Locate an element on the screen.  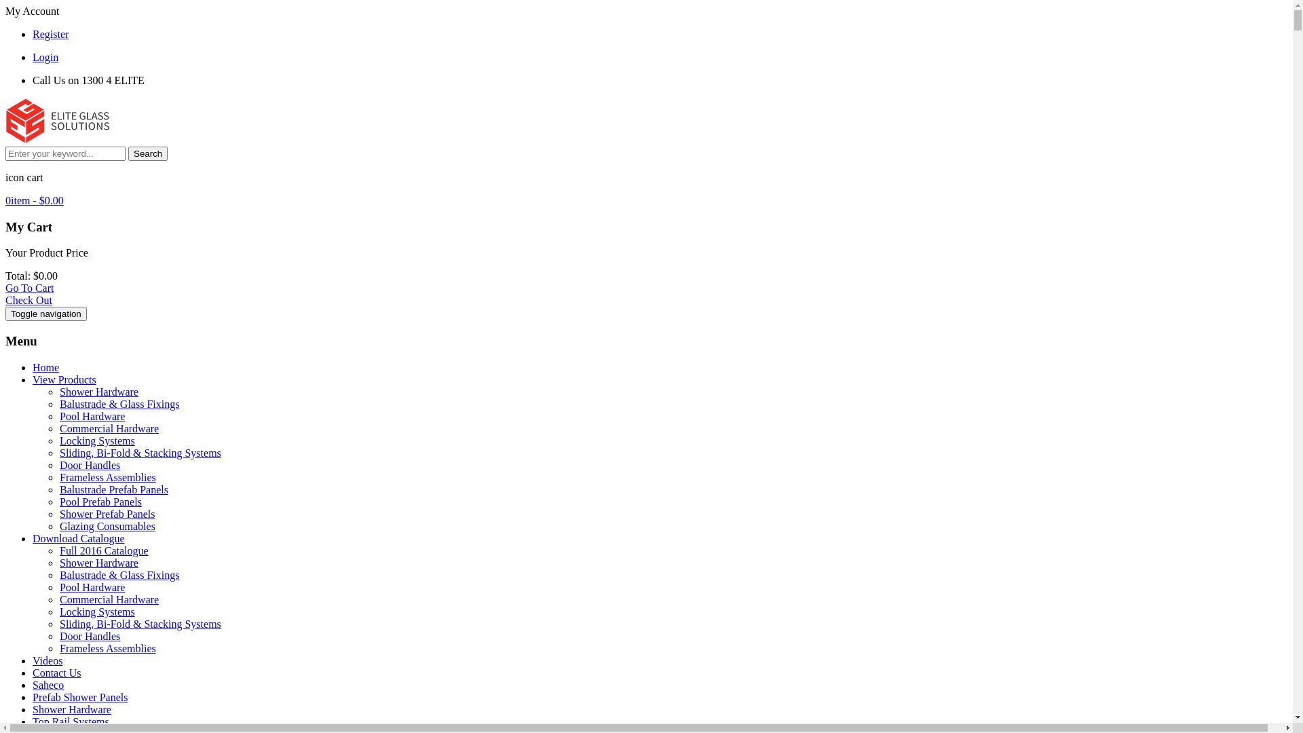
'Door Handles' is located at coordinates (89, 636).